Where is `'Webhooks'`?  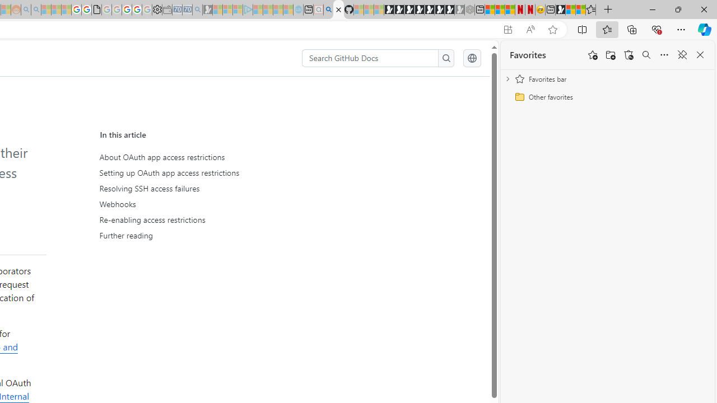 'Webhooks' is located at coordinates (203, 204).